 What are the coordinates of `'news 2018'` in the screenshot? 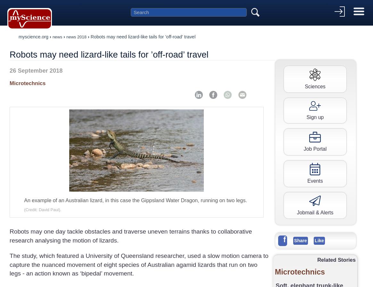 It's located at (76, 36).